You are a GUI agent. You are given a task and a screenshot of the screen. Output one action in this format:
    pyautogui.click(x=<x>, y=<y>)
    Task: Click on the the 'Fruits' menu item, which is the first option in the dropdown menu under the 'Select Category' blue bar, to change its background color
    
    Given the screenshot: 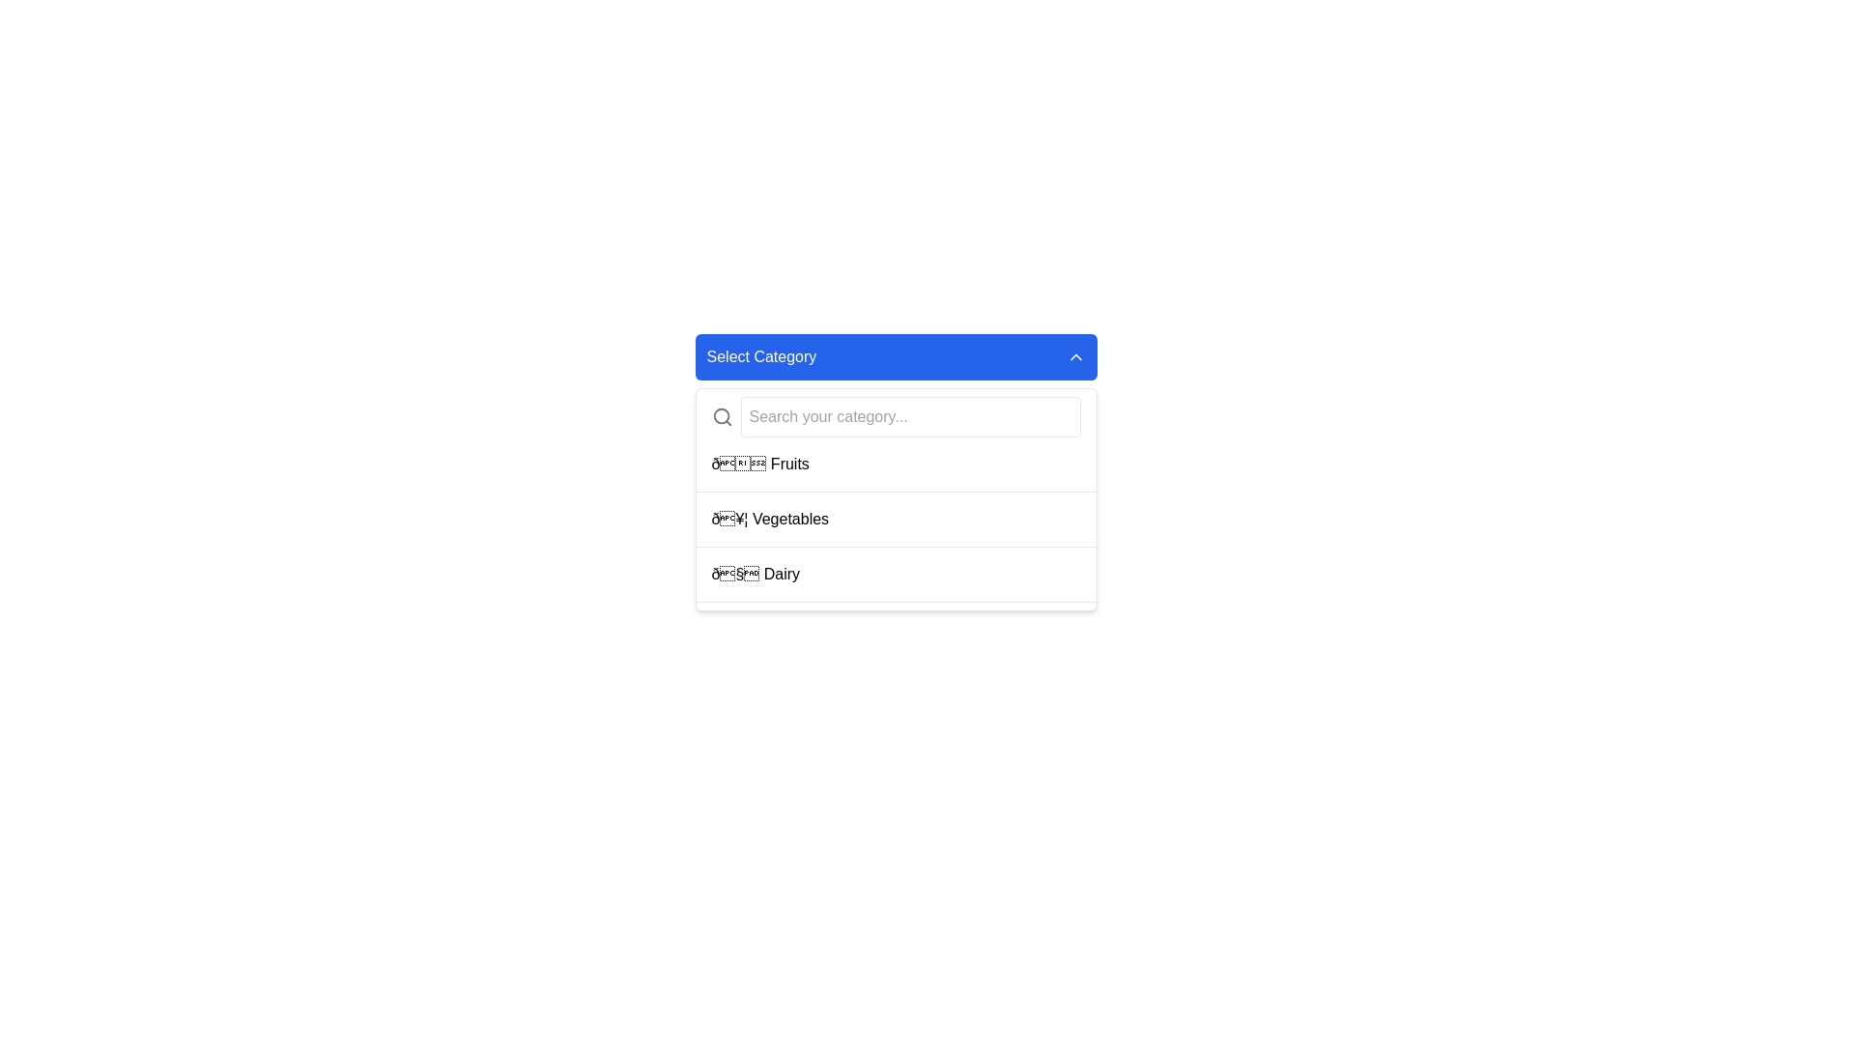 What is the action you would take?
    pyautogui.click(x=895, y=465)
    